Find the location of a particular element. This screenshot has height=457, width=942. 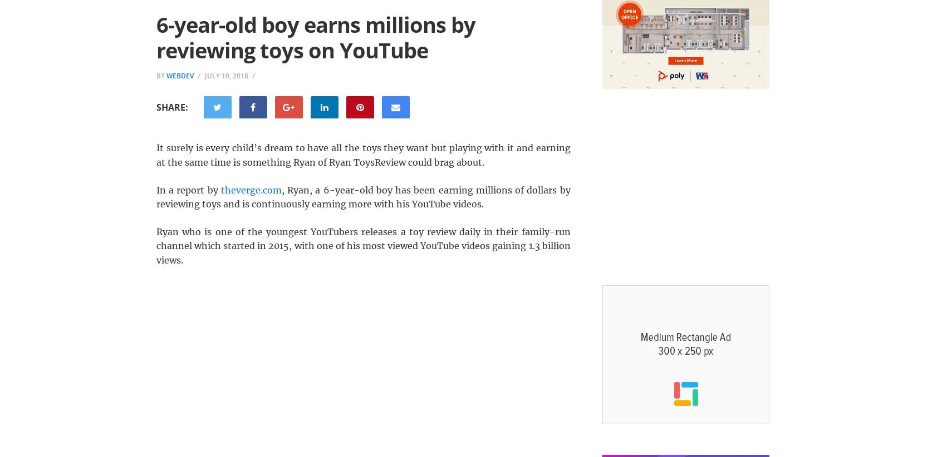

'6-year-old boy earns millions by reviewing toys on YouTube' is located at coordinates (315, 37).